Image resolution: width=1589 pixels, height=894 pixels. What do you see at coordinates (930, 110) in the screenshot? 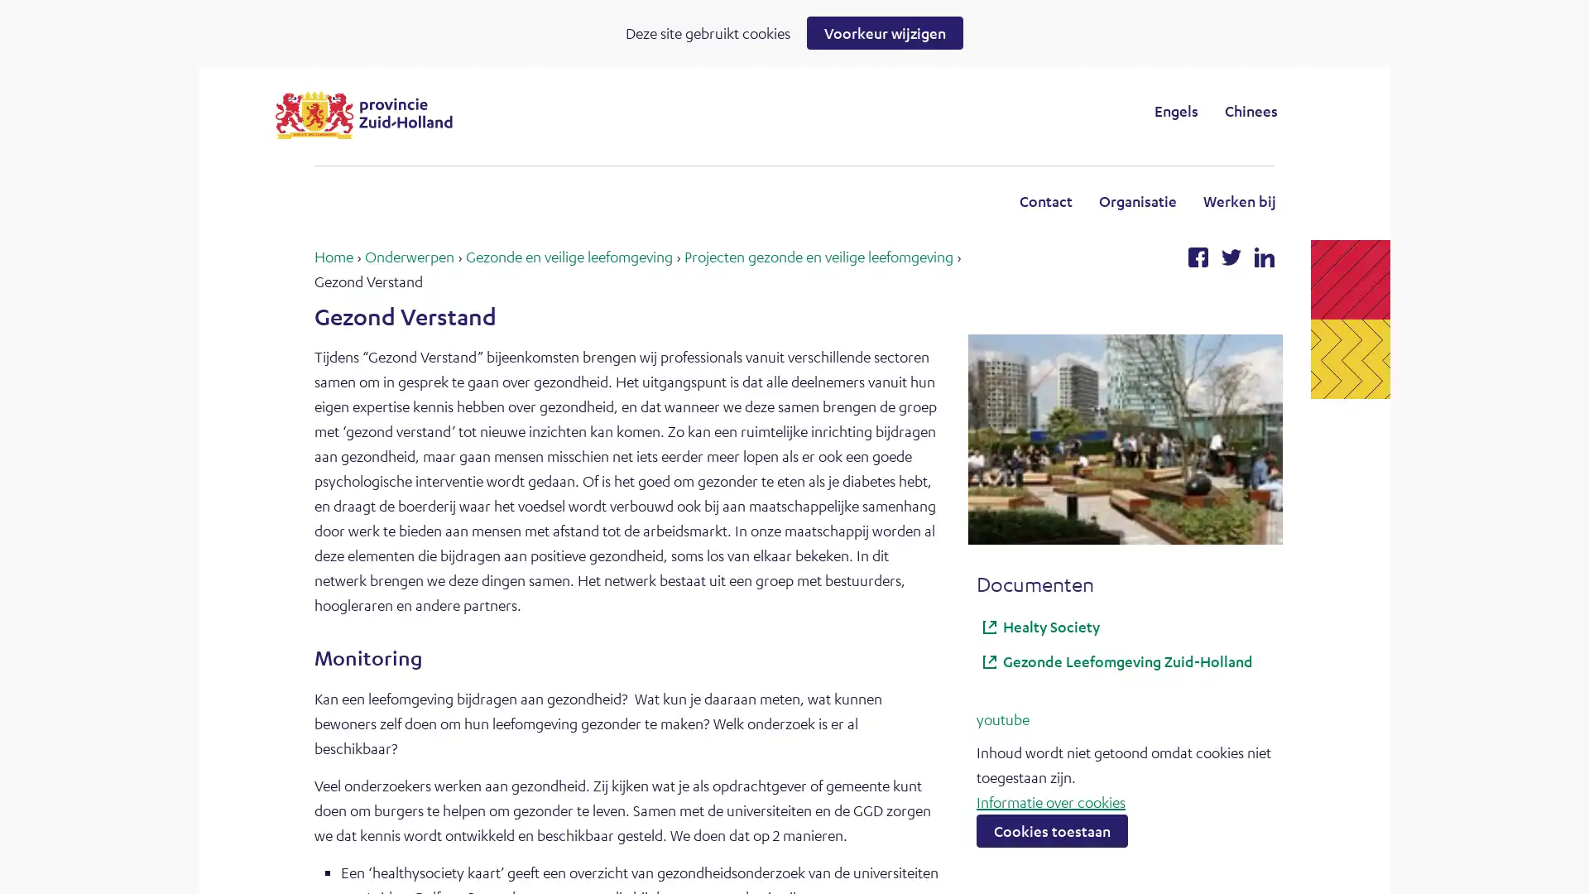
I see `Zoeken` at bounding box center [930, 110].